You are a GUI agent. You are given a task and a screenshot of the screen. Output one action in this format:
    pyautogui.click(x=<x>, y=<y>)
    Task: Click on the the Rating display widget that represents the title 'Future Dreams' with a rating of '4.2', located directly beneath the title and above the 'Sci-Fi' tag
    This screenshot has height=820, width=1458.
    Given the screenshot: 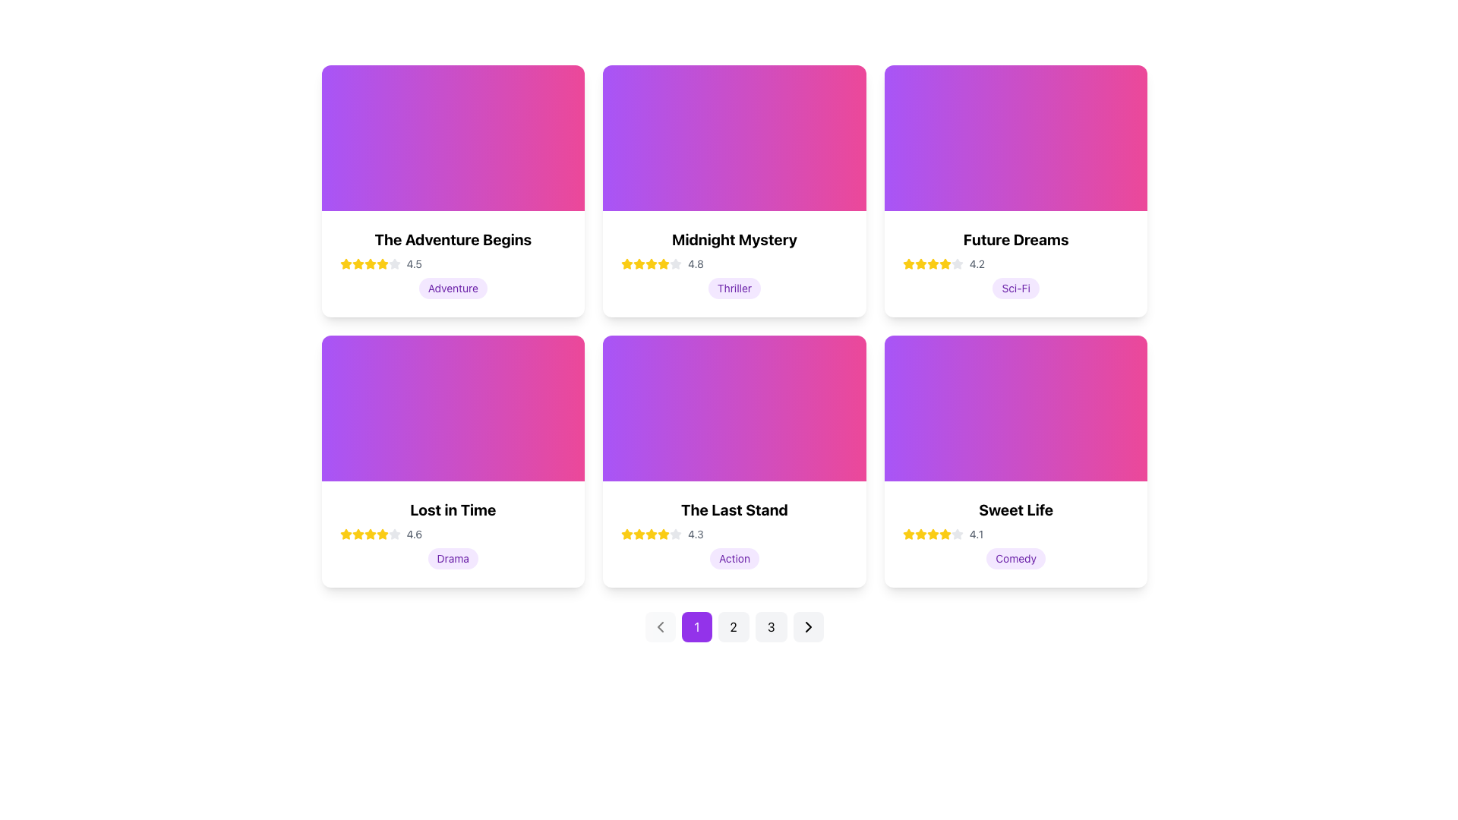 What is the action you would take?
    pyautogui.click(x=1016, y=263)
    